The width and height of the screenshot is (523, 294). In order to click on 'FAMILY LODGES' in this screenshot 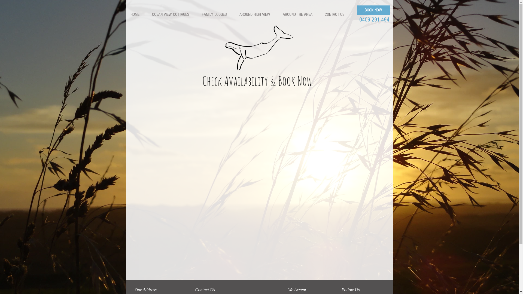, I will do `click(197, 14)`.